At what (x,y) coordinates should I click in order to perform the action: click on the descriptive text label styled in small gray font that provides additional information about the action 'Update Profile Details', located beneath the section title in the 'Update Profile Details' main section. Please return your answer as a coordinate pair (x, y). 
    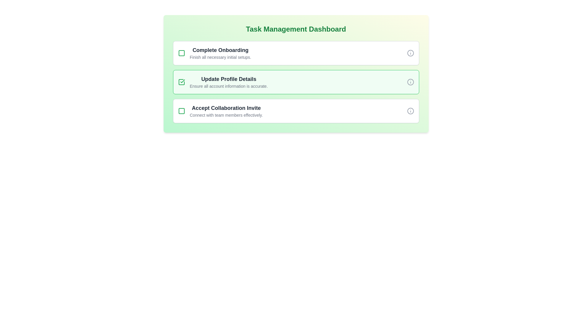
    Looking at the image, I should click on (228, 86).